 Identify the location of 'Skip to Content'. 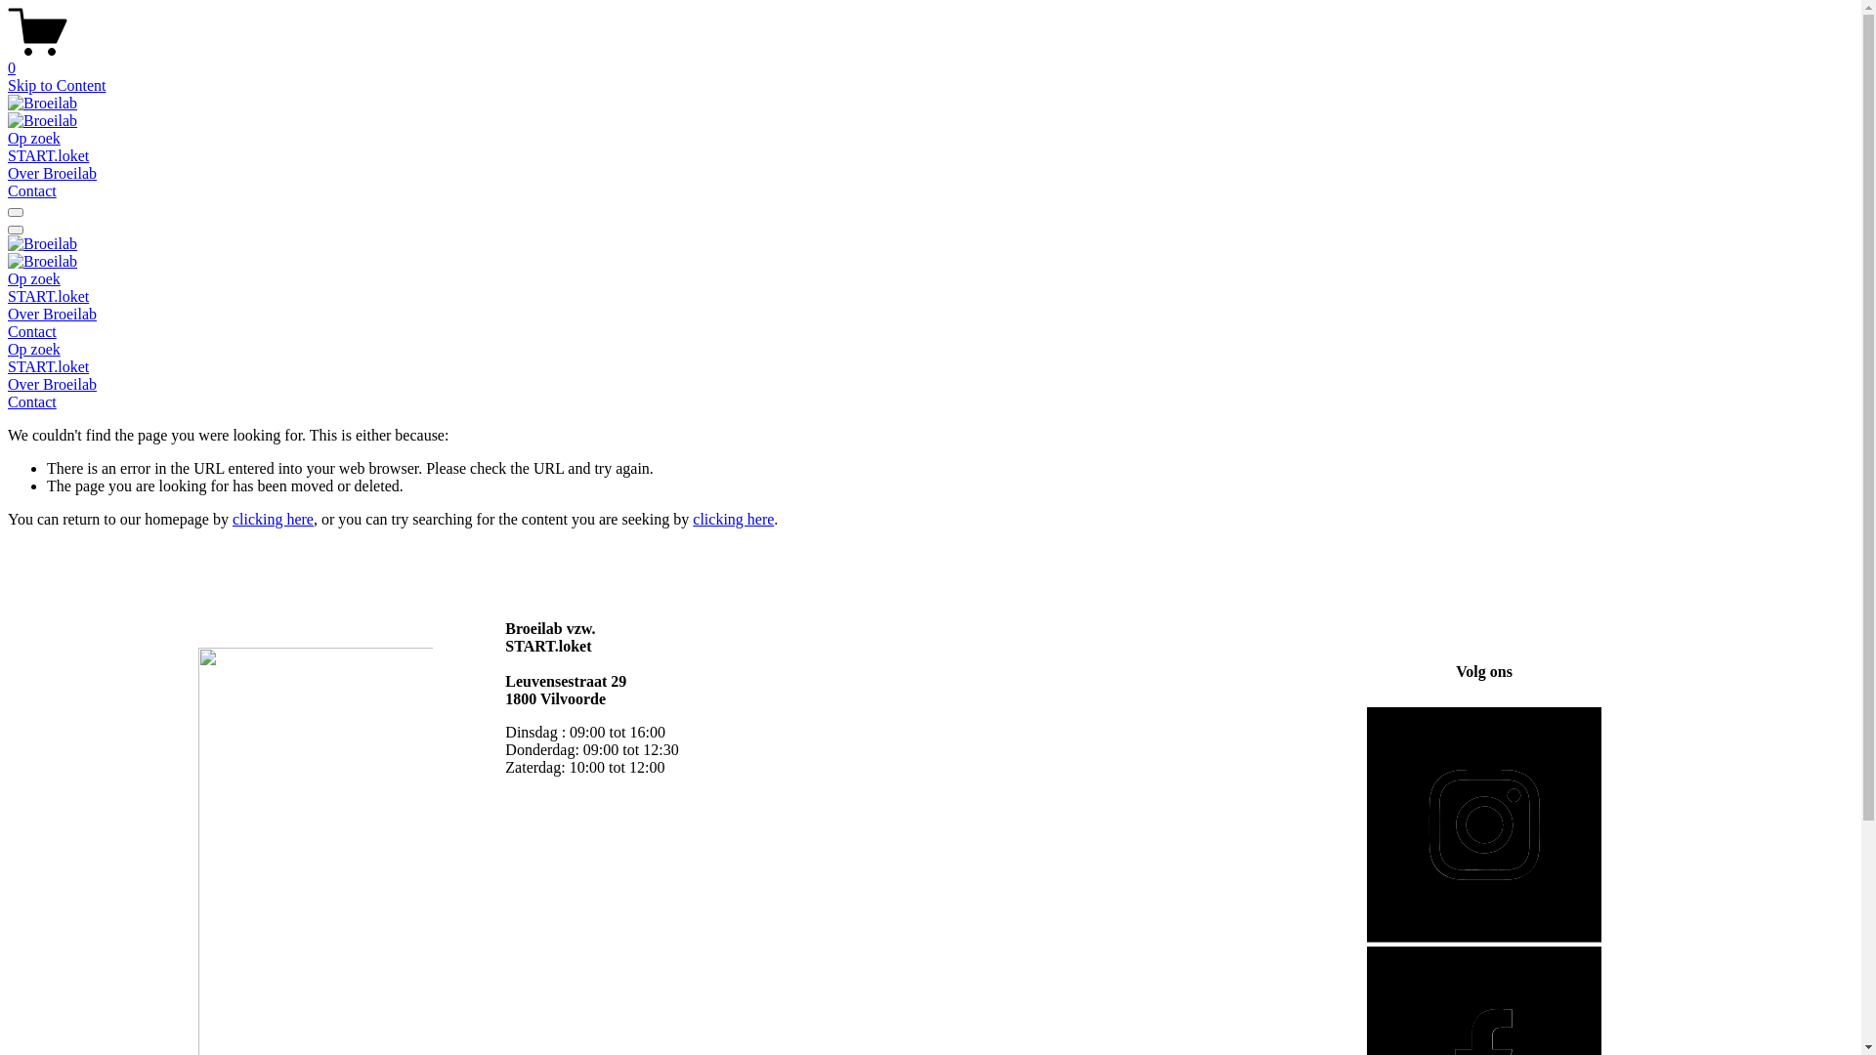
(56, 84).